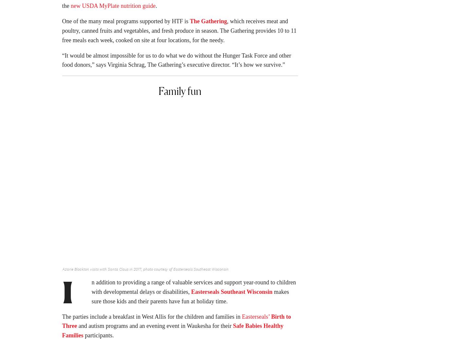 Image resolution: width=475 pixels, height=339 pixels. I want to click on 'Birth to Three', so click(176, 323).